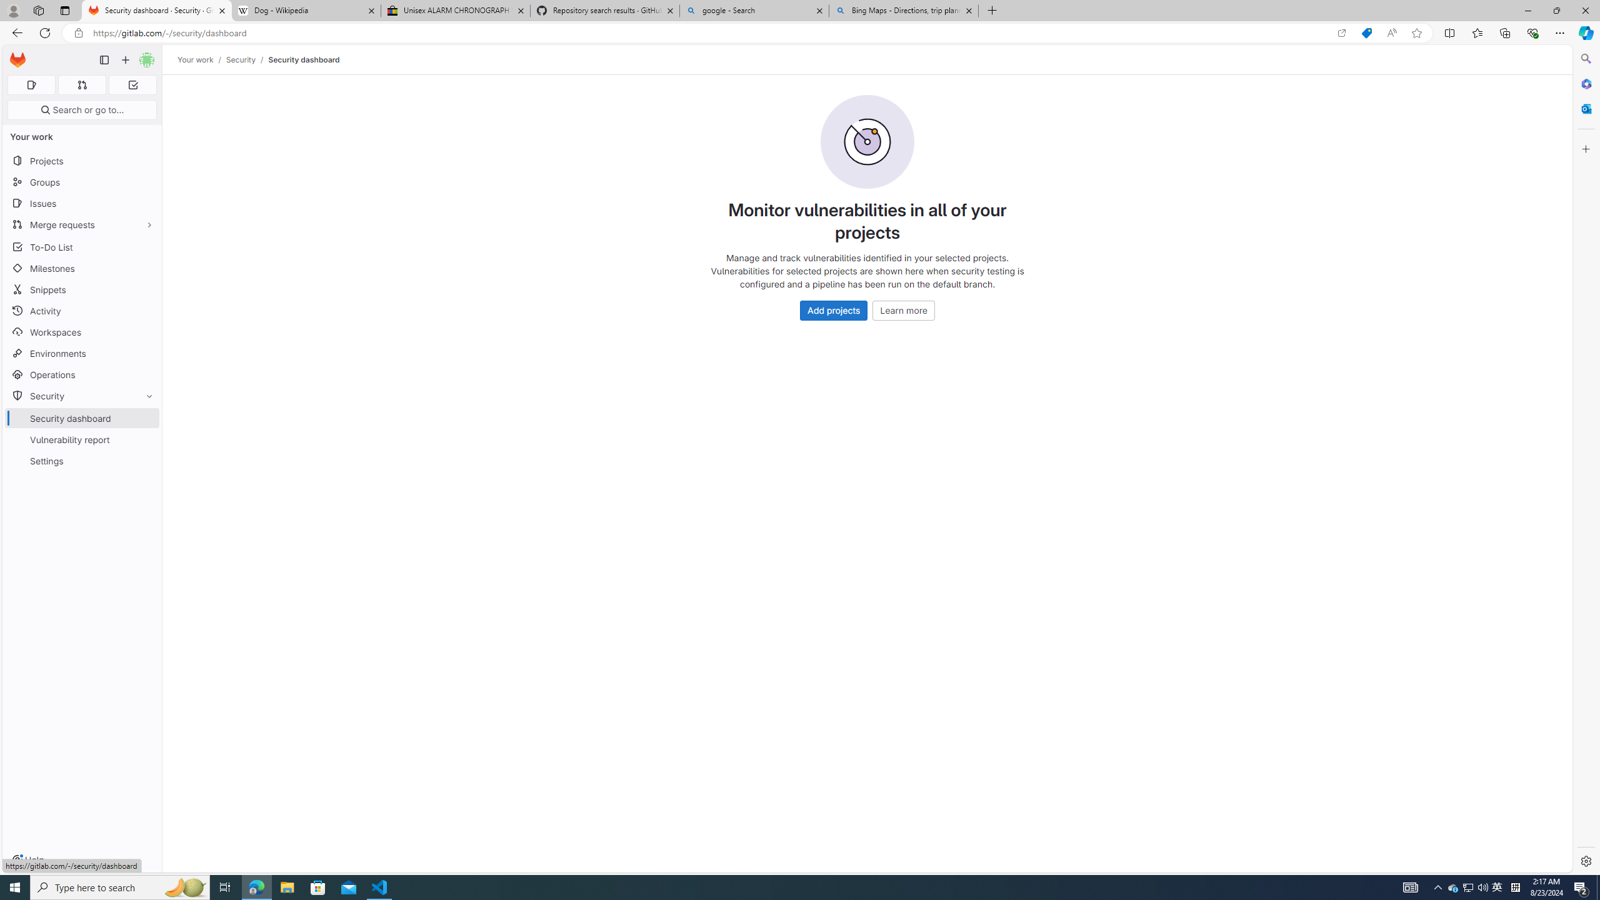  I want to click on 'Help', so click(27, 859).